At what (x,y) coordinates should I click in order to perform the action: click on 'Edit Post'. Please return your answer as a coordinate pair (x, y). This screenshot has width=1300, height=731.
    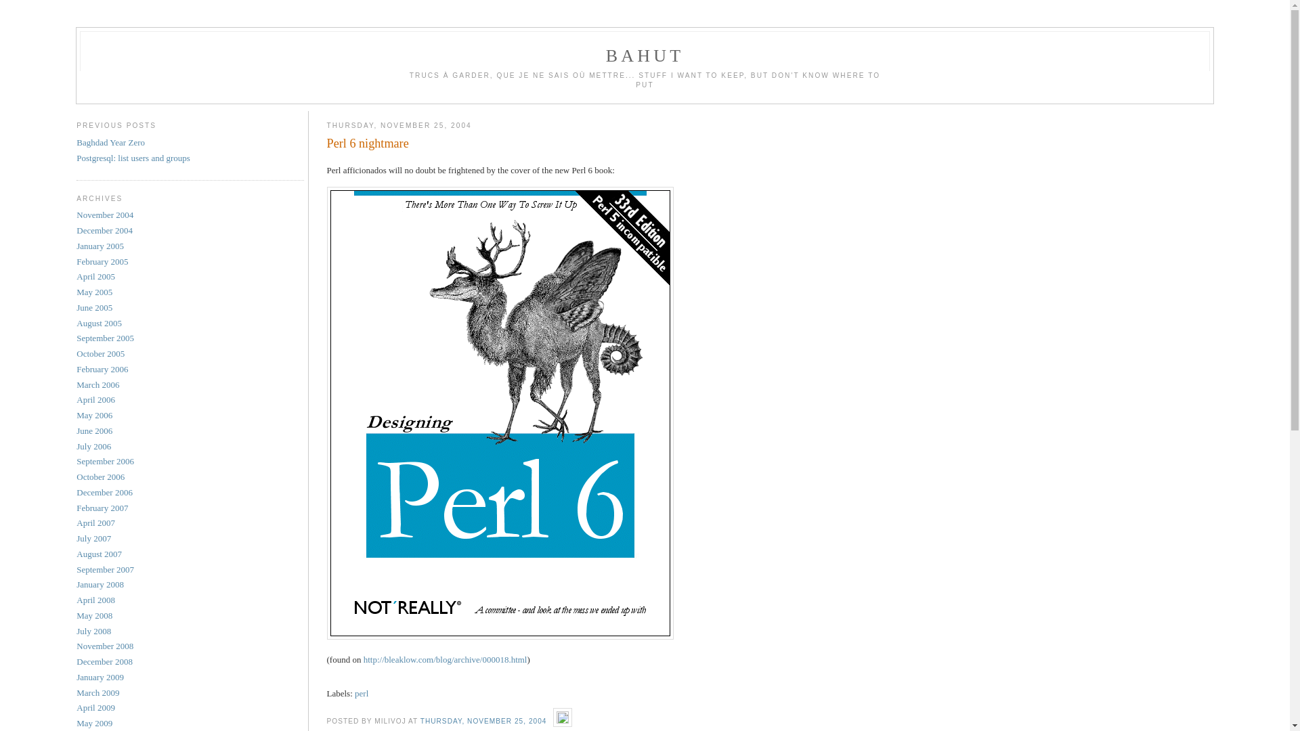
    Looking at the image, I should click on (562, 719).